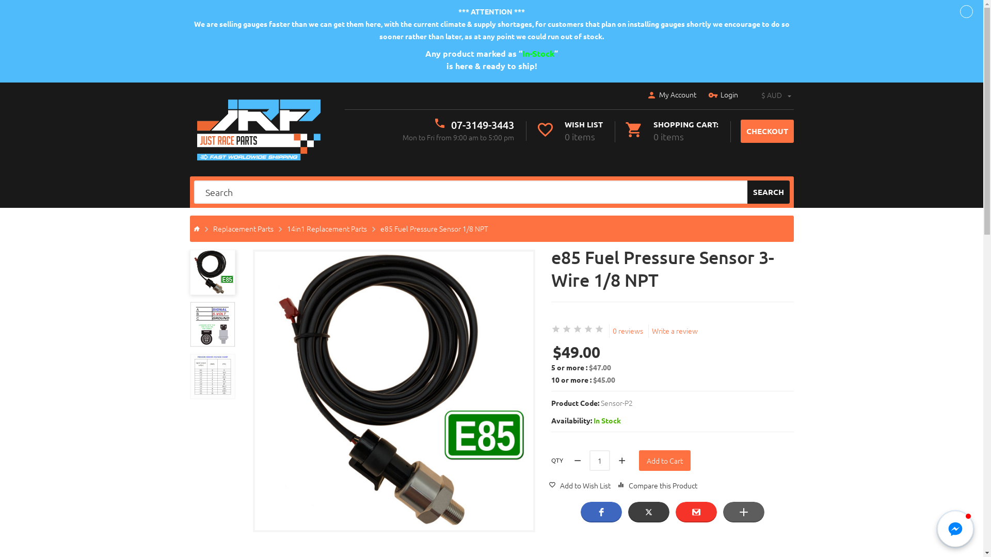 The width and height of the screenshot is (991, 557). What do you see at coordinates (671, 95) in the screenshot?
I see `'My Account'` at bounding box center [671, 95].